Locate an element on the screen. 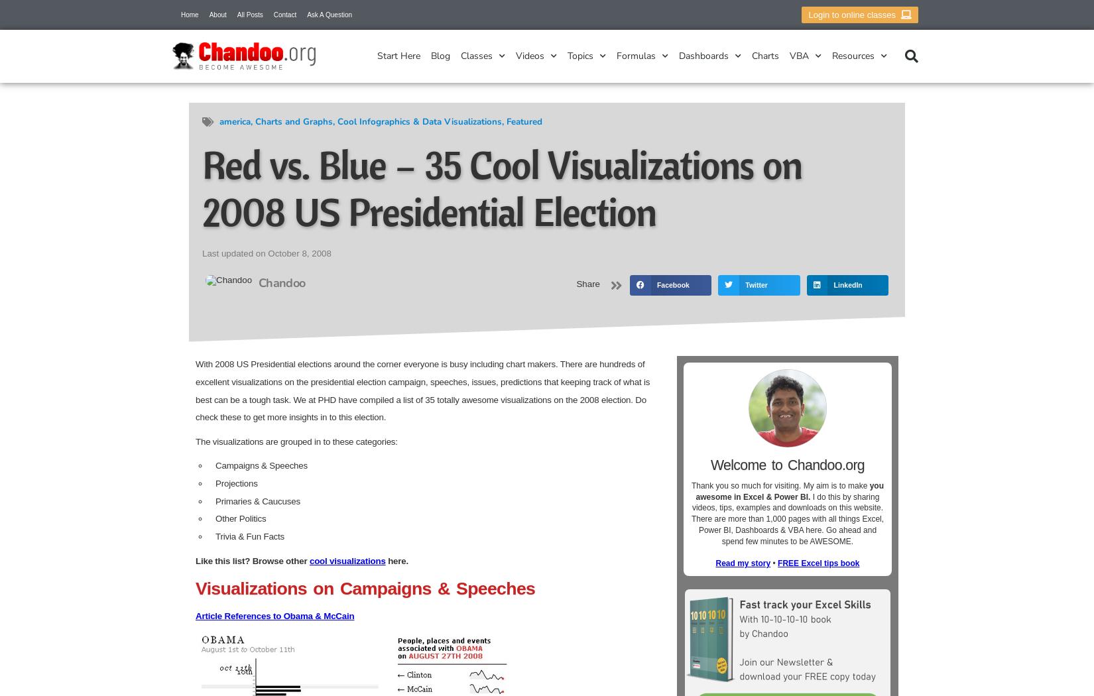  'here.' is located at coordinates (396, 560).